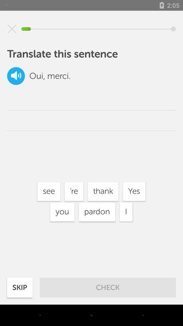 The height and width of the screenshot is (326, 183). I want to click on page, so click(12, 29).